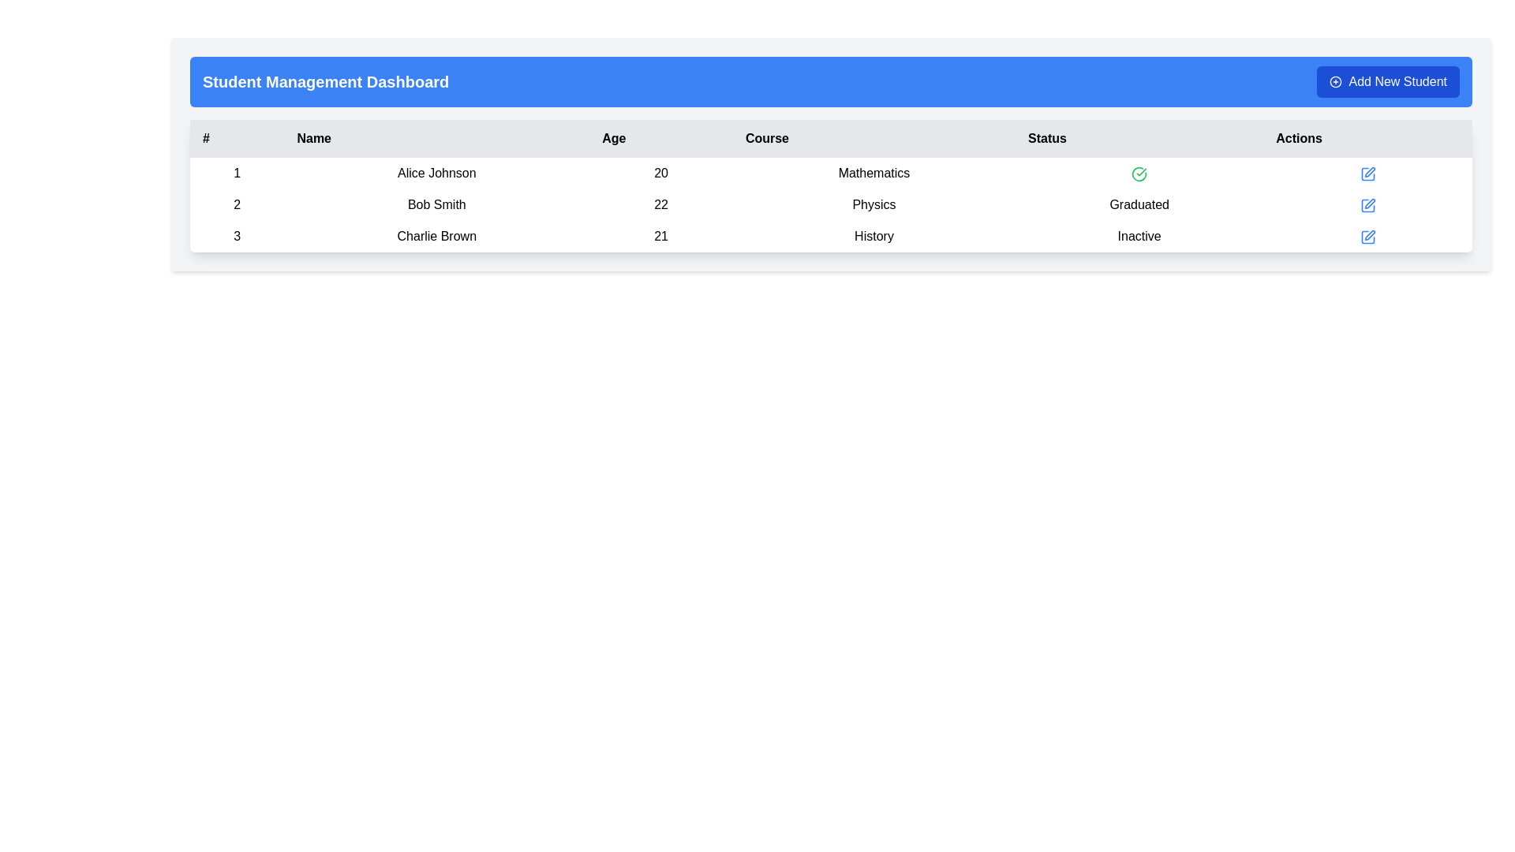  Describe the element at coordinates (1369, 172) in the screenshot. I see `the pen-like icon button in the 'Actions' column of the student table for 'Bob Smith'` at that location.